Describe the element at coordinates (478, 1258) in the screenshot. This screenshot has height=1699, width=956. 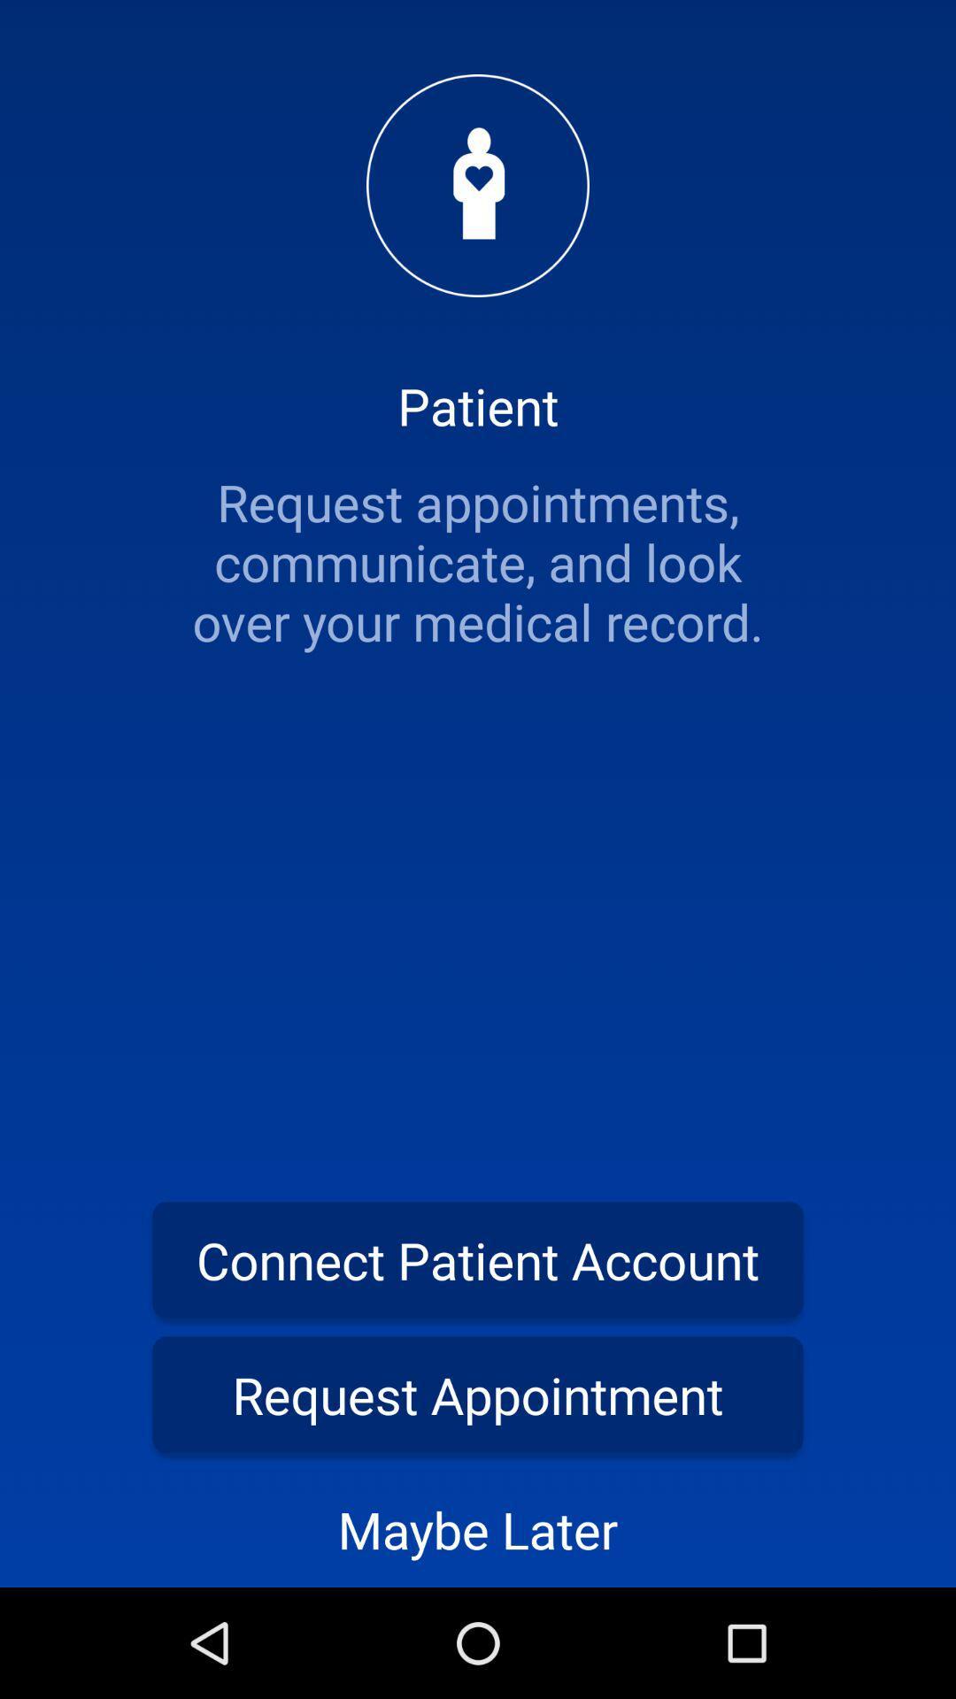
I see `connect patient account item` at that location.